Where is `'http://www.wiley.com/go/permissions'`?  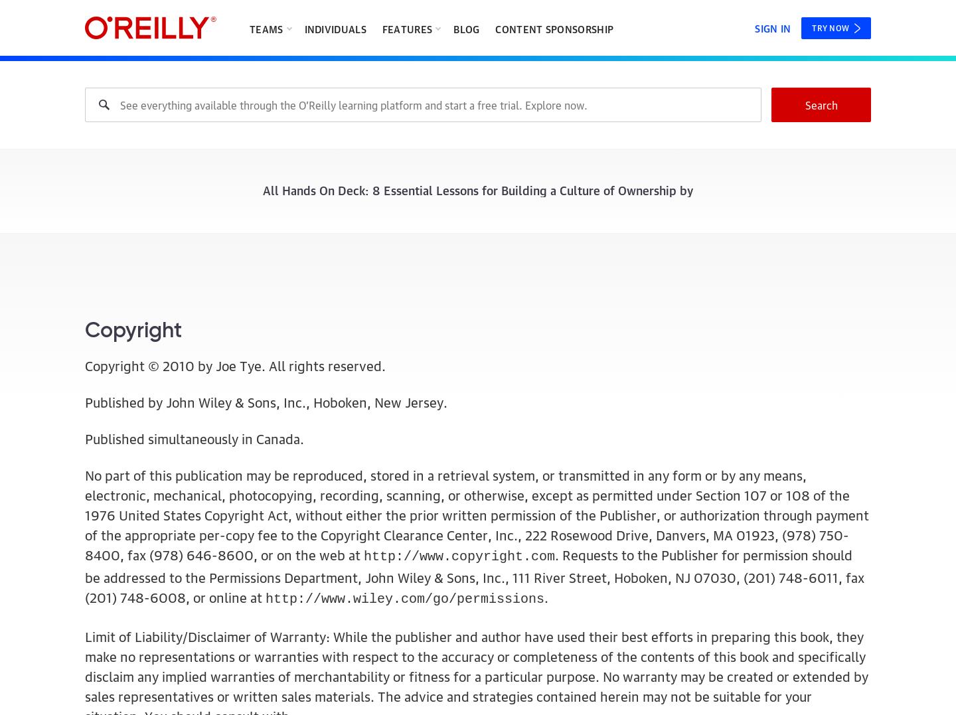
'http://www.wiley.com/go/permissions' is located at coordinates (404, 599).